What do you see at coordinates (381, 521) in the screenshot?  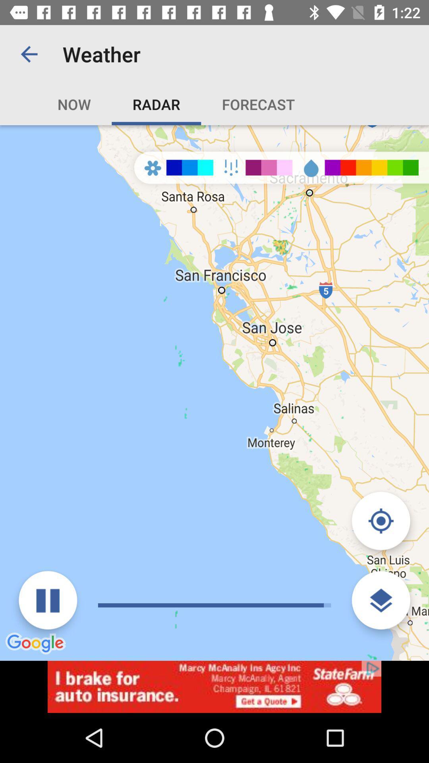 I see `click navigate` at bounding box center [381, 521].